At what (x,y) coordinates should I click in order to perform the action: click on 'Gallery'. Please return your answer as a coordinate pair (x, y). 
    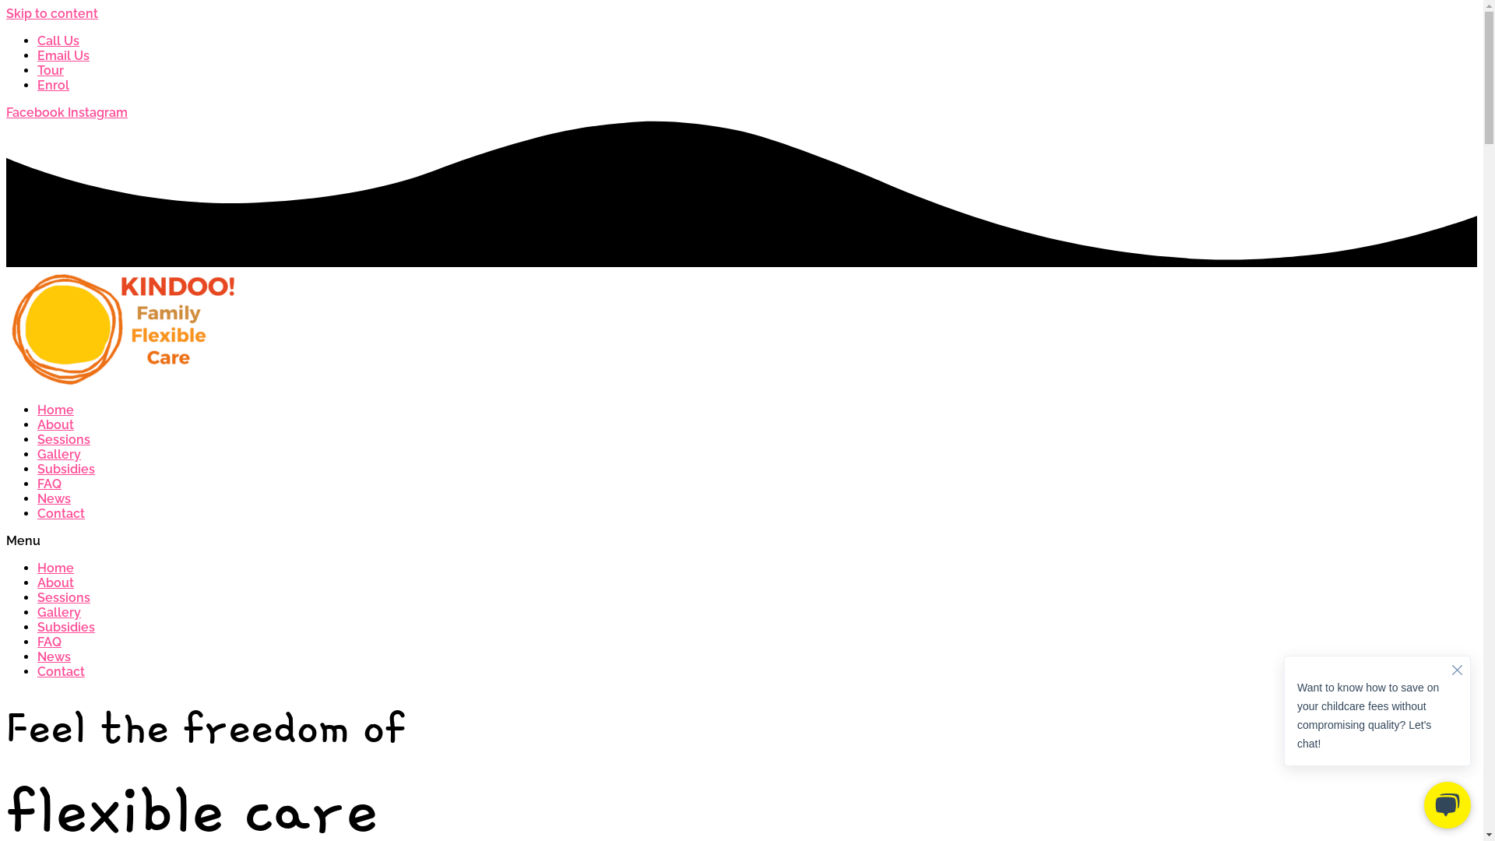
    Looking at the image, I should click on (59, 454).